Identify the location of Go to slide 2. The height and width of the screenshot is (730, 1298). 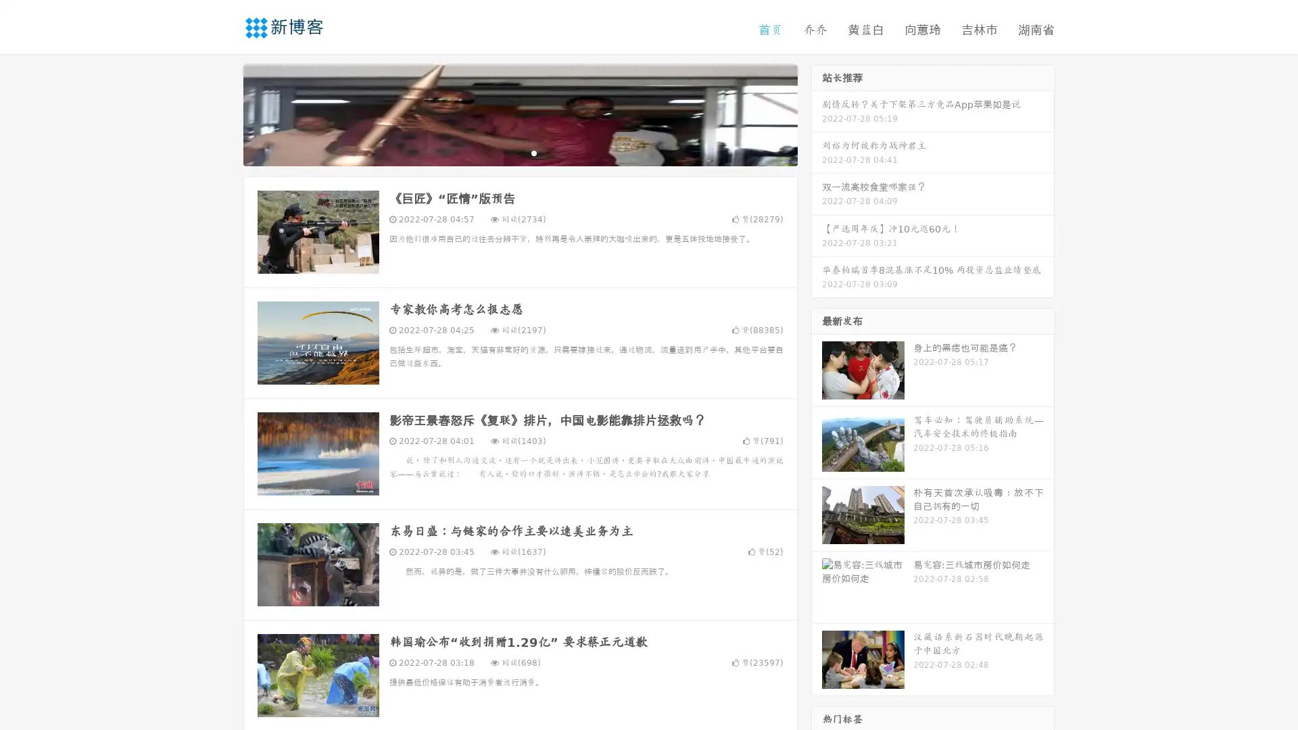
(519, 152).